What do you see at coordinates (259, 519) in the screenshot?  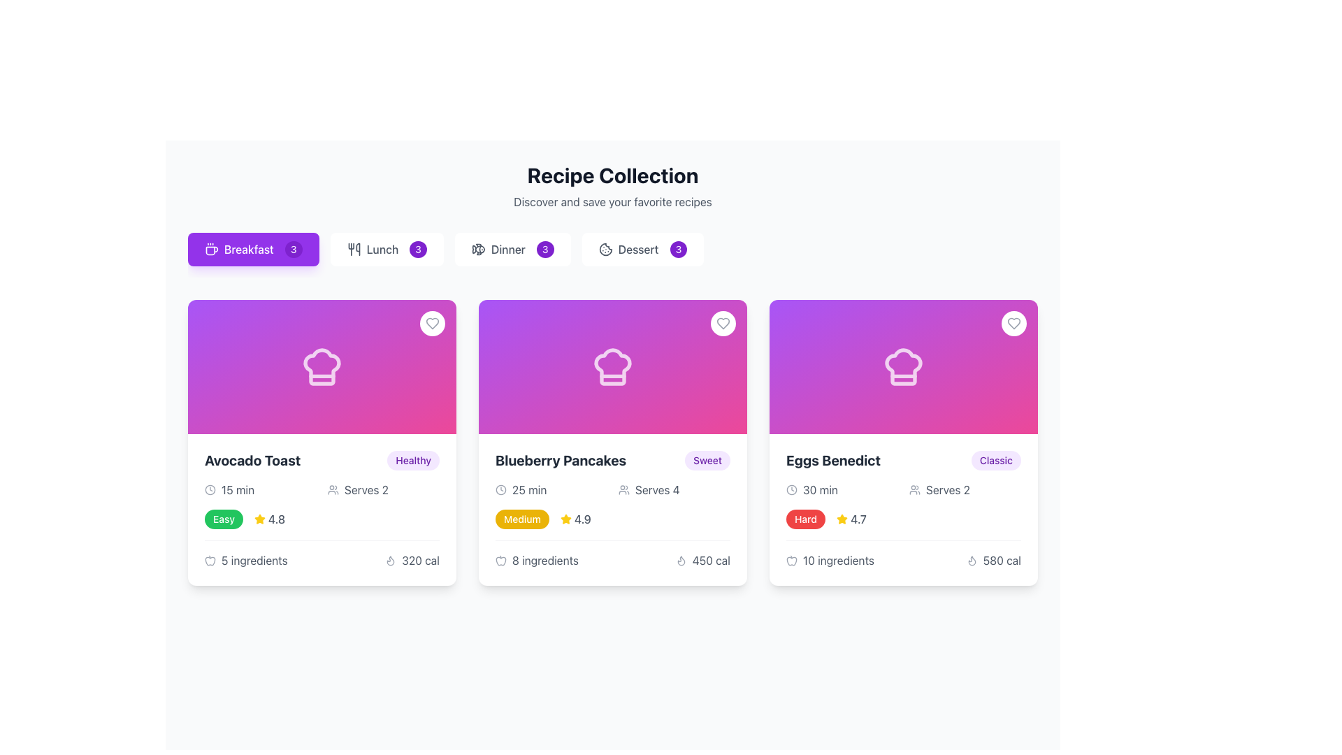 I see `the star icon representing the rating of the 'Avocado Toast' recipe, located next to the numeric rating (4.8) below the title and to the right of the green 'Easy' label` at bounding box center [259, 519].